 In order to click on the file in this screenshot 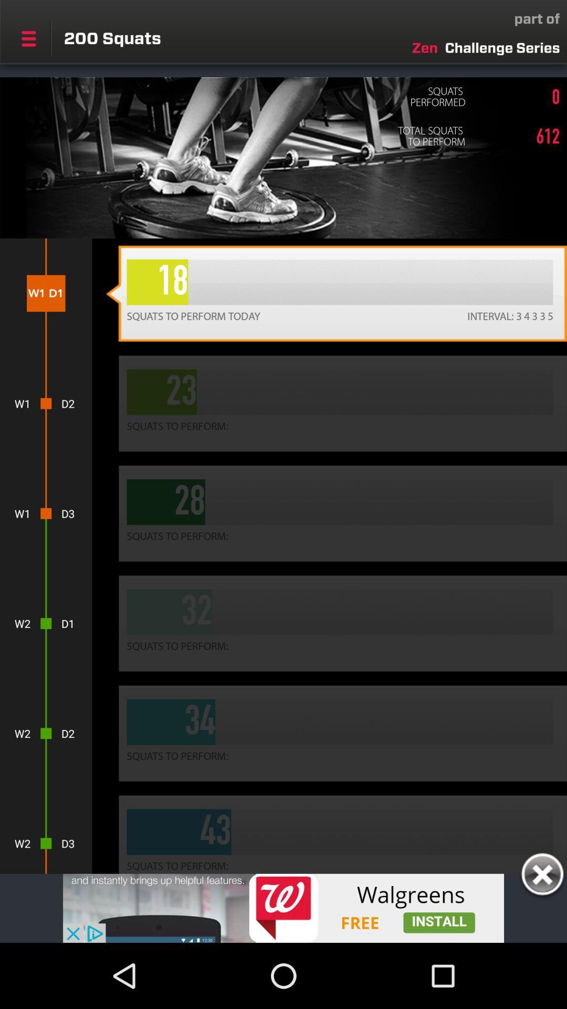, I will do `click(542, 876)`.